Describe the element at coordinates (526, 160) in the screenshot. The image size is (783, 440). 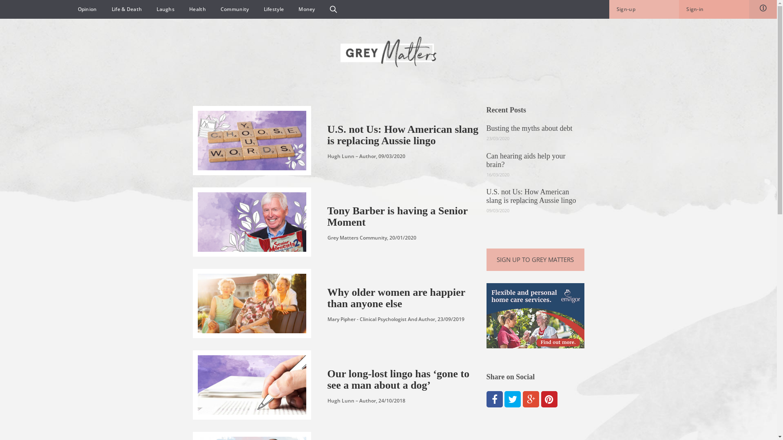
I see `'Can hearing aids help your brain?'` at that location.